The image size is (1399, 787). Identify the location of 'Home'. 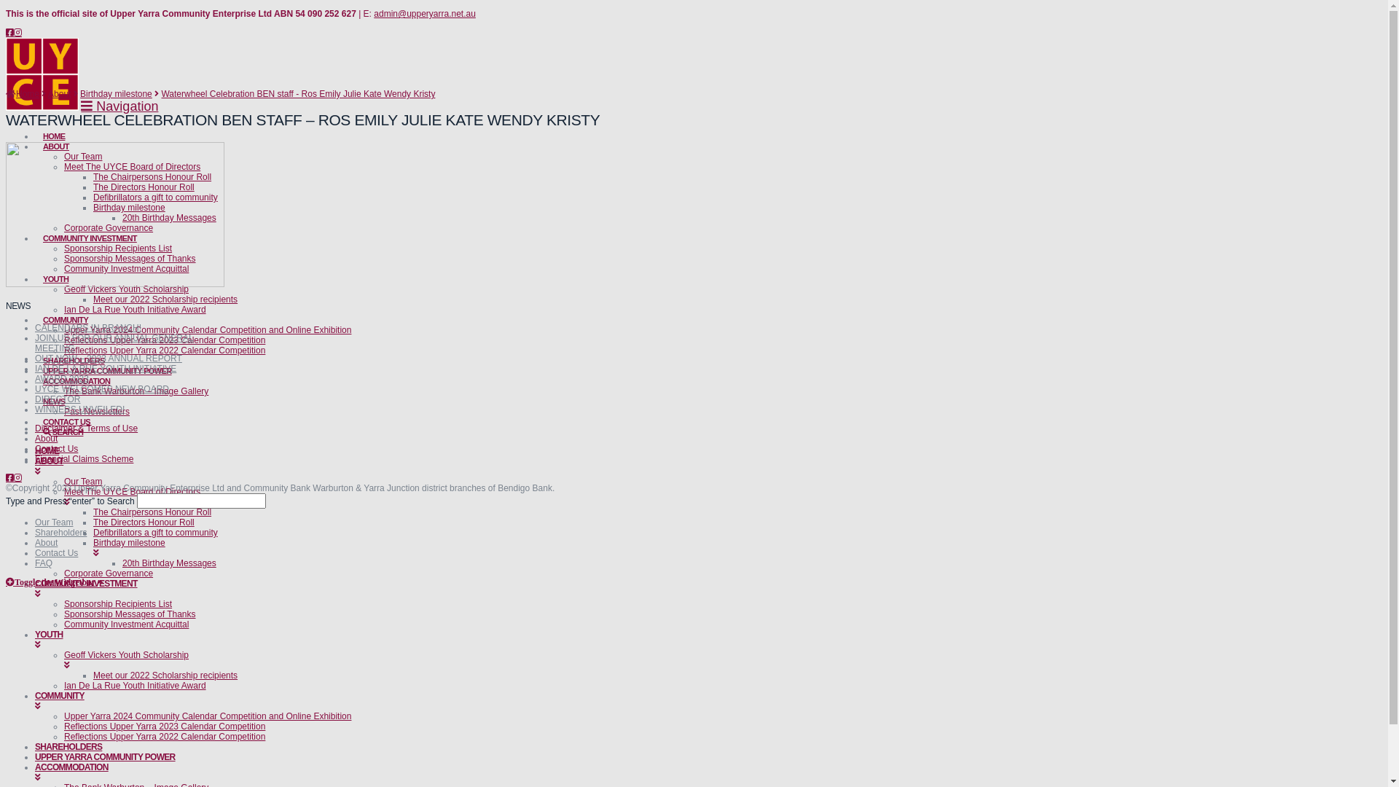
(22, 93).